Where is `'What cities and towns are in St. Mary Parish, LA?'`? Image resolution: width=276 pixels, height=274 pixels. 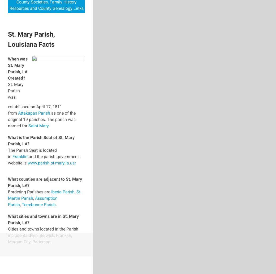
'What cities and towns are in St. Mary Parish, LA?' is located at coordinates (43, 219).